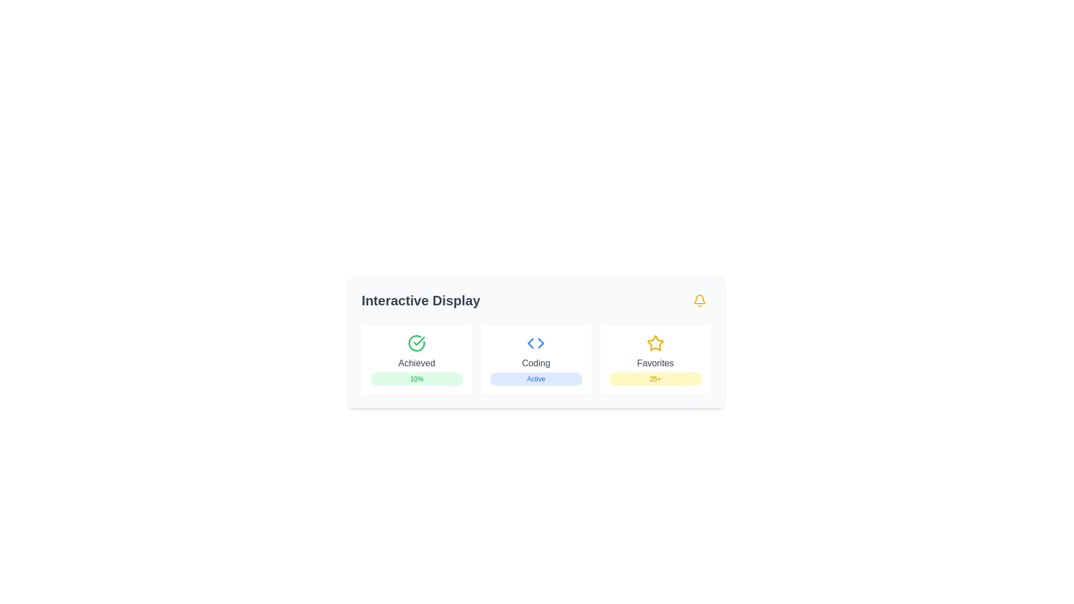  Describe the element at coordinates (655, 379) in the screenshot. I see `the displayed number on the 'Favorites' badge, located at the bottom center of the 'Favorites' card under the text label 'Favorites' and aligned below a star icon` at that location.